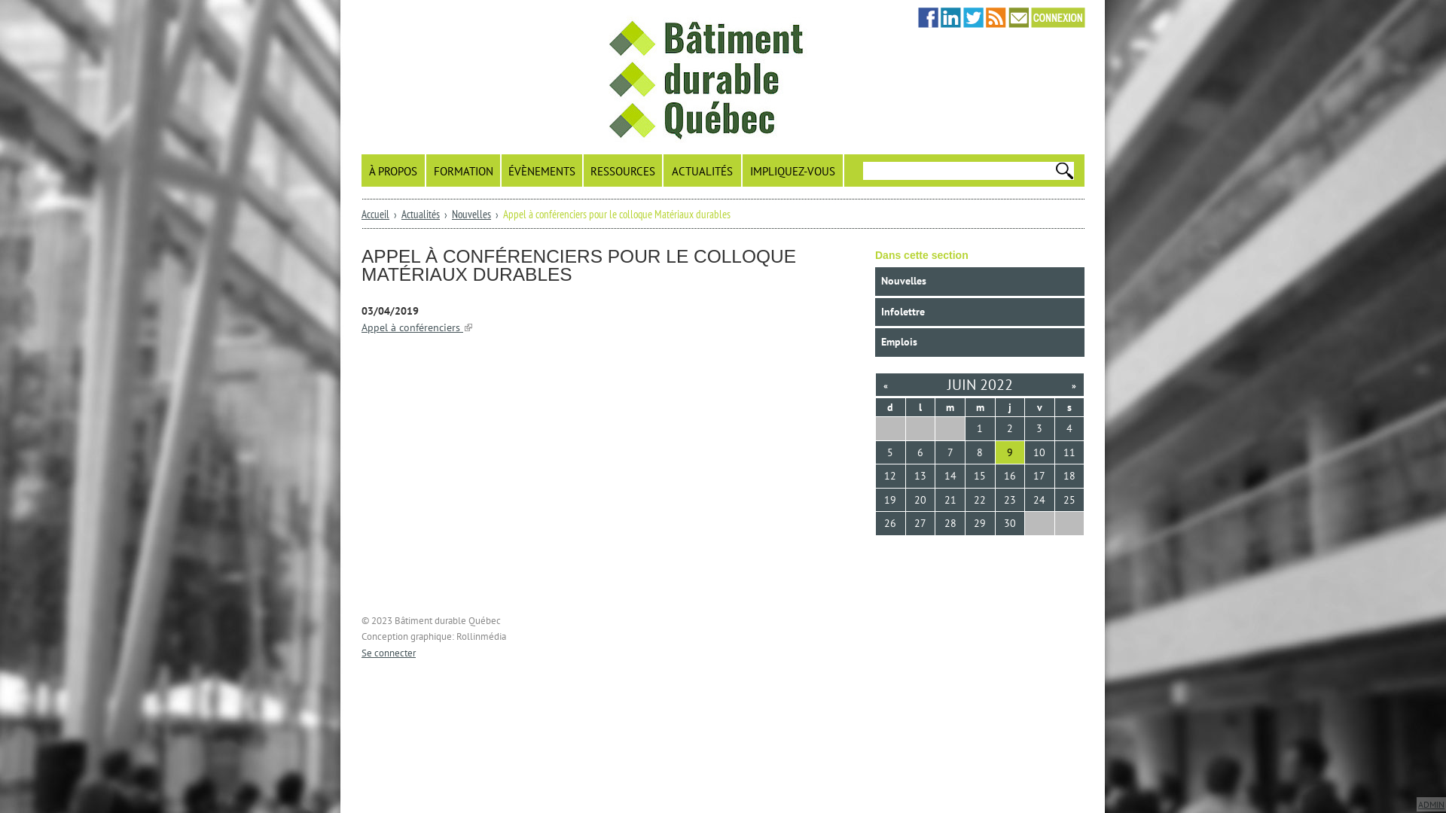 This screenshot has height=813, width=1446. What do you see at coordinates (927, 17) in the screenshot?
I see `'Facebook'` at bounding box center [927, 17].